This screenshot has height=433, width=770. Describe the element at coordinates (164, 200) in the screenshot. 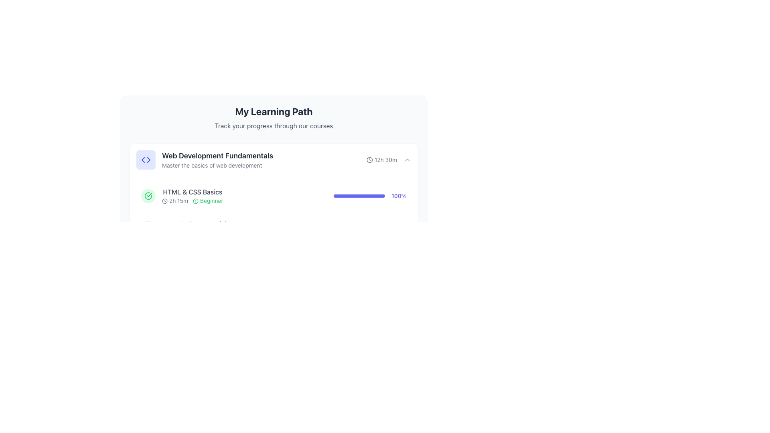

I see `the small circular clock icon with a black outline, located next to the text '2h 15m', in the list of modules under the 'Web Development Fundamentals' header` at that location.